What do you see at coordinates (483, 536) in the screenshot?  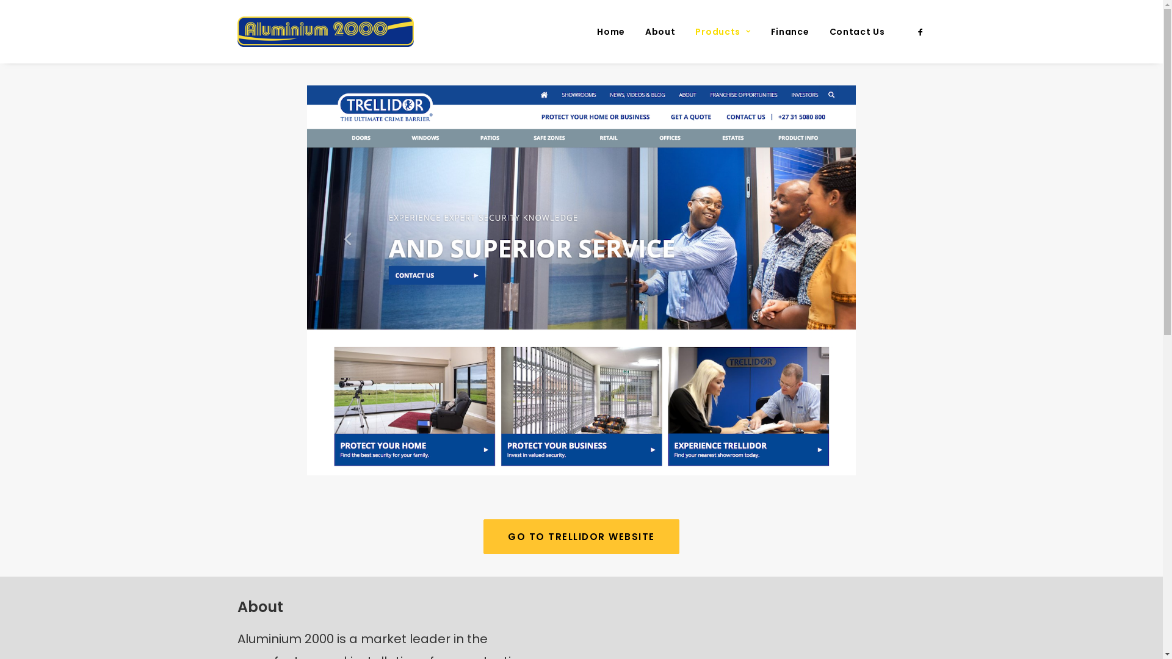 I see `'GO TO TRELLIDOR WEBSITE'` at bounding box center [483, 536].